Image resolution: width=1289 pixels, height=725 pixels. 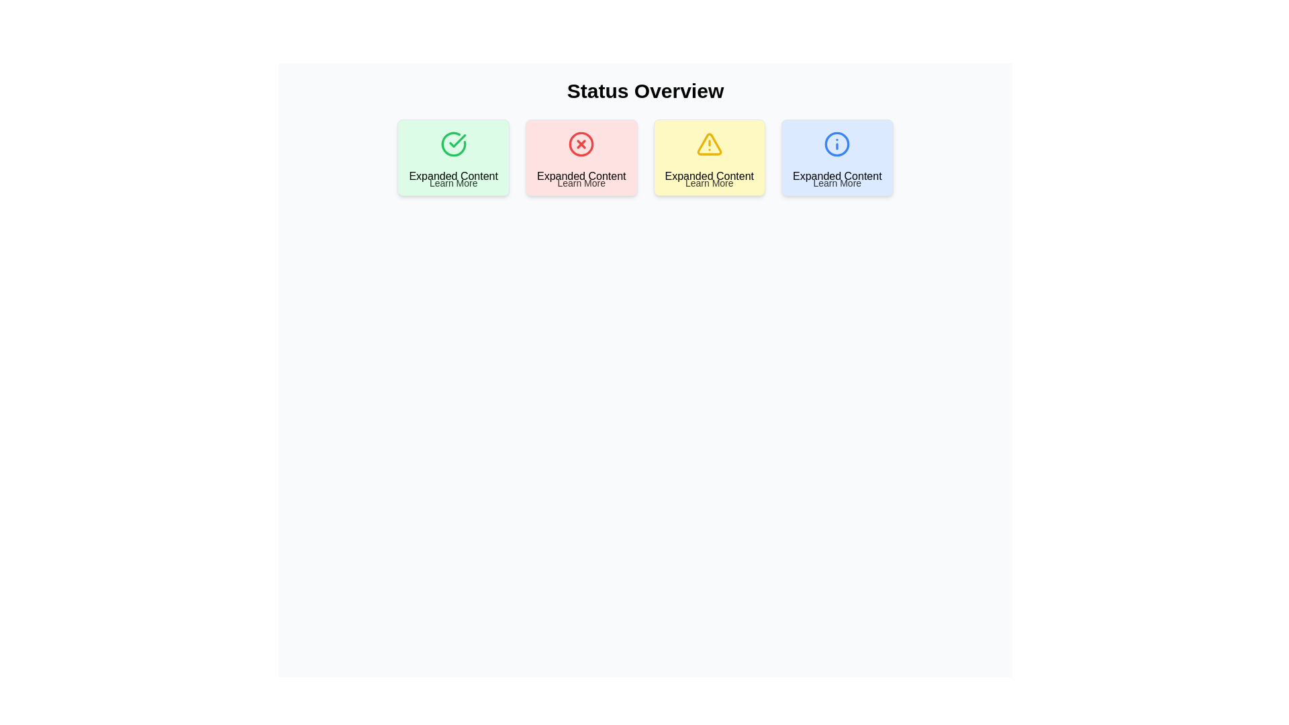 What do you see at coordinates (708, 144) in the screenshot?
I see `properties of the warning icon located within the yellow background card in the third slot from the left under the 'Status Overview' heading` at bounding box center [708, 144].